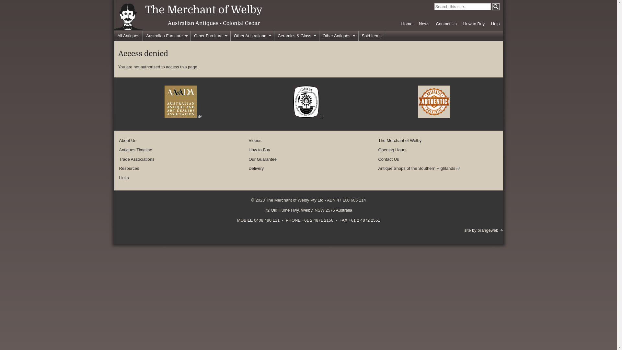  Describe the element at coordinates (256, 168) in the screenshot. I see `'Delivery'` at that location.